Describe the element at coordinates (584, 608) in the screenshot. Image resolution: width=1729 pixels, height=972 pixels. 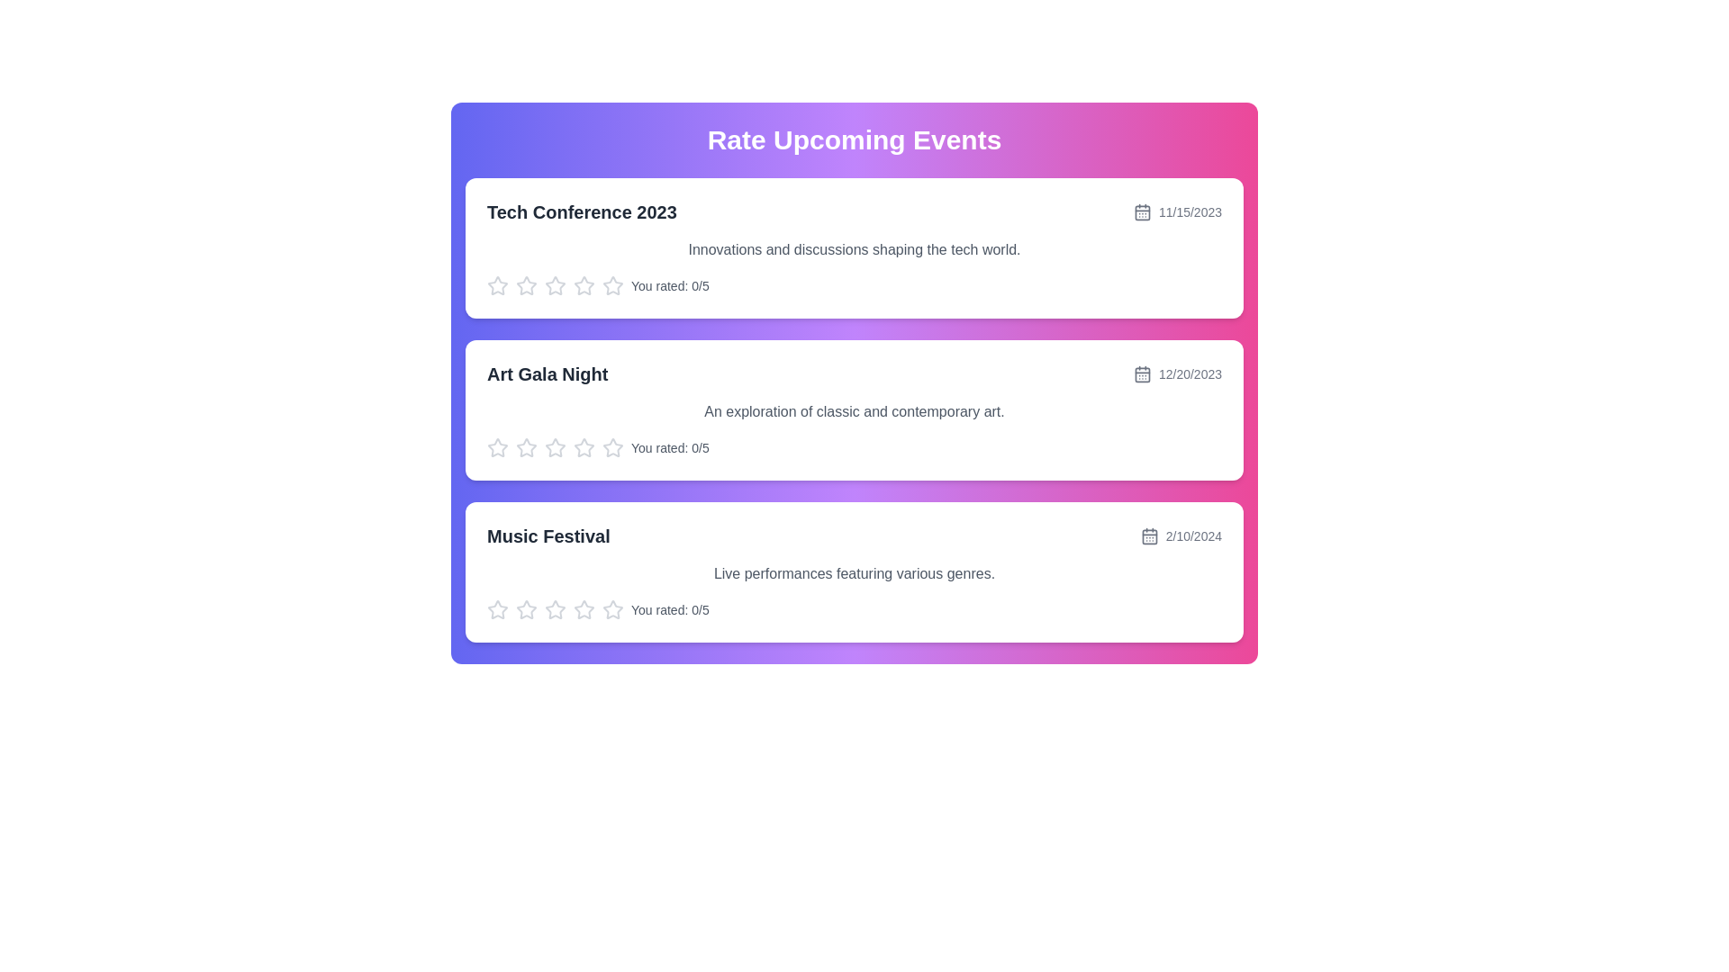
I see `the second star icon in the rating system of the 'Music Festival' event card` at that location.